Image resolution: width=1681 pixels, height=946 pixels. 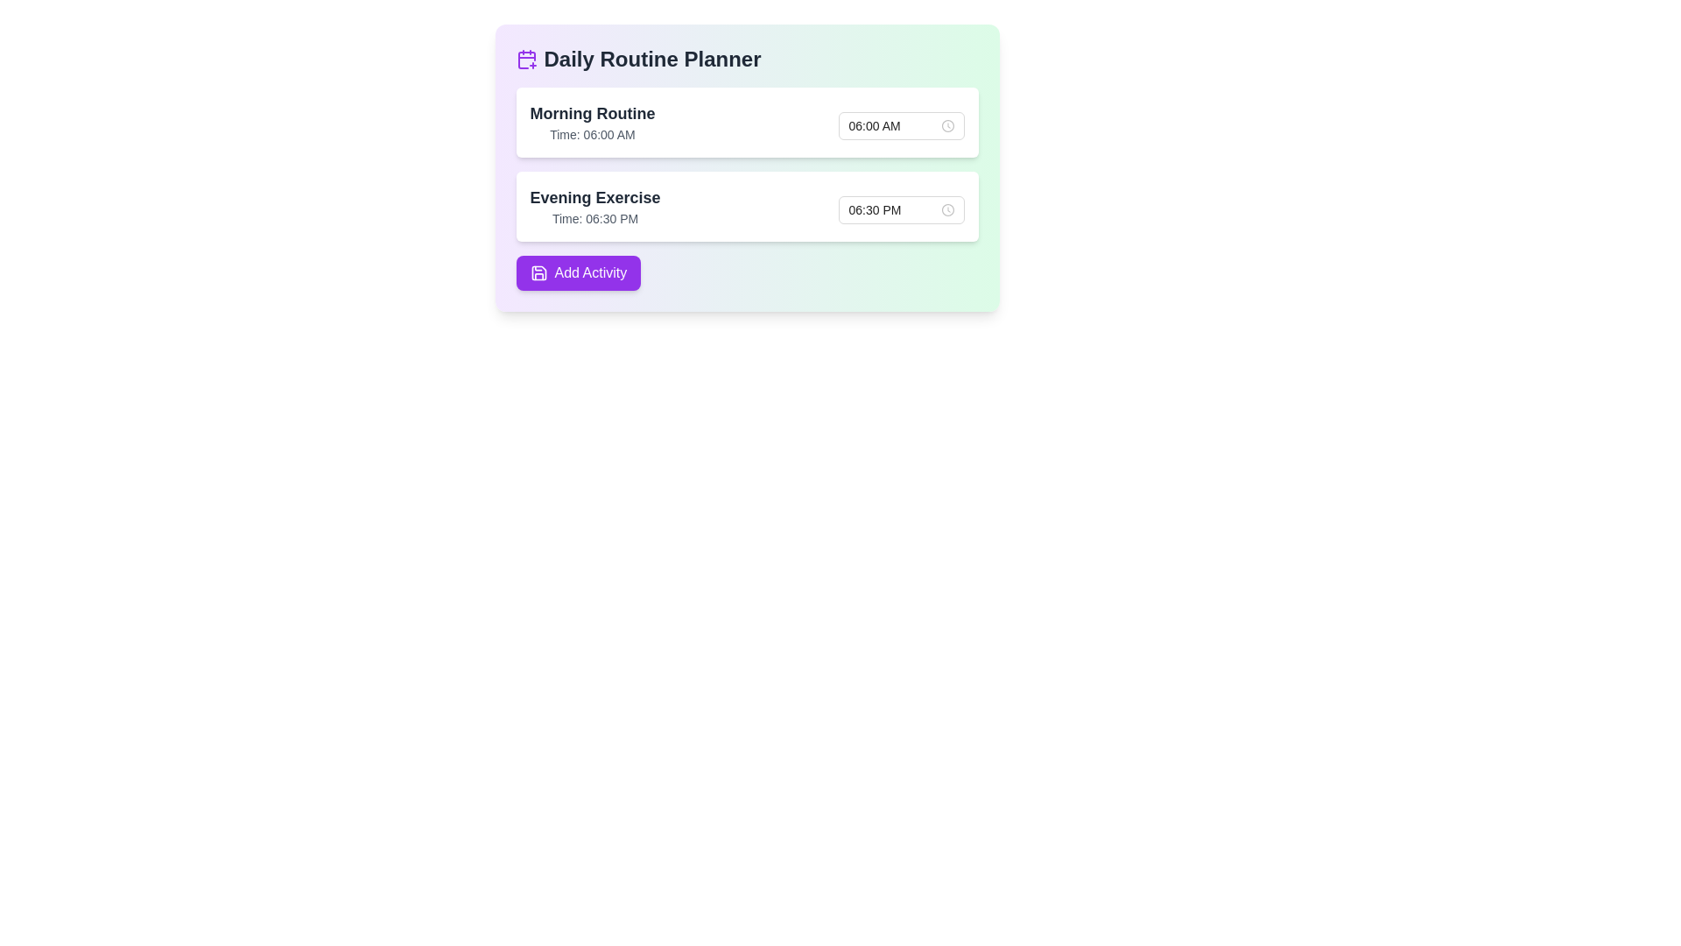 I want to click on the 'Daily Routine Planner' title with icon, which is a bold, large font header accompanied by a calendar icon, located at the top of the card layout, so click(x=747, y=59).